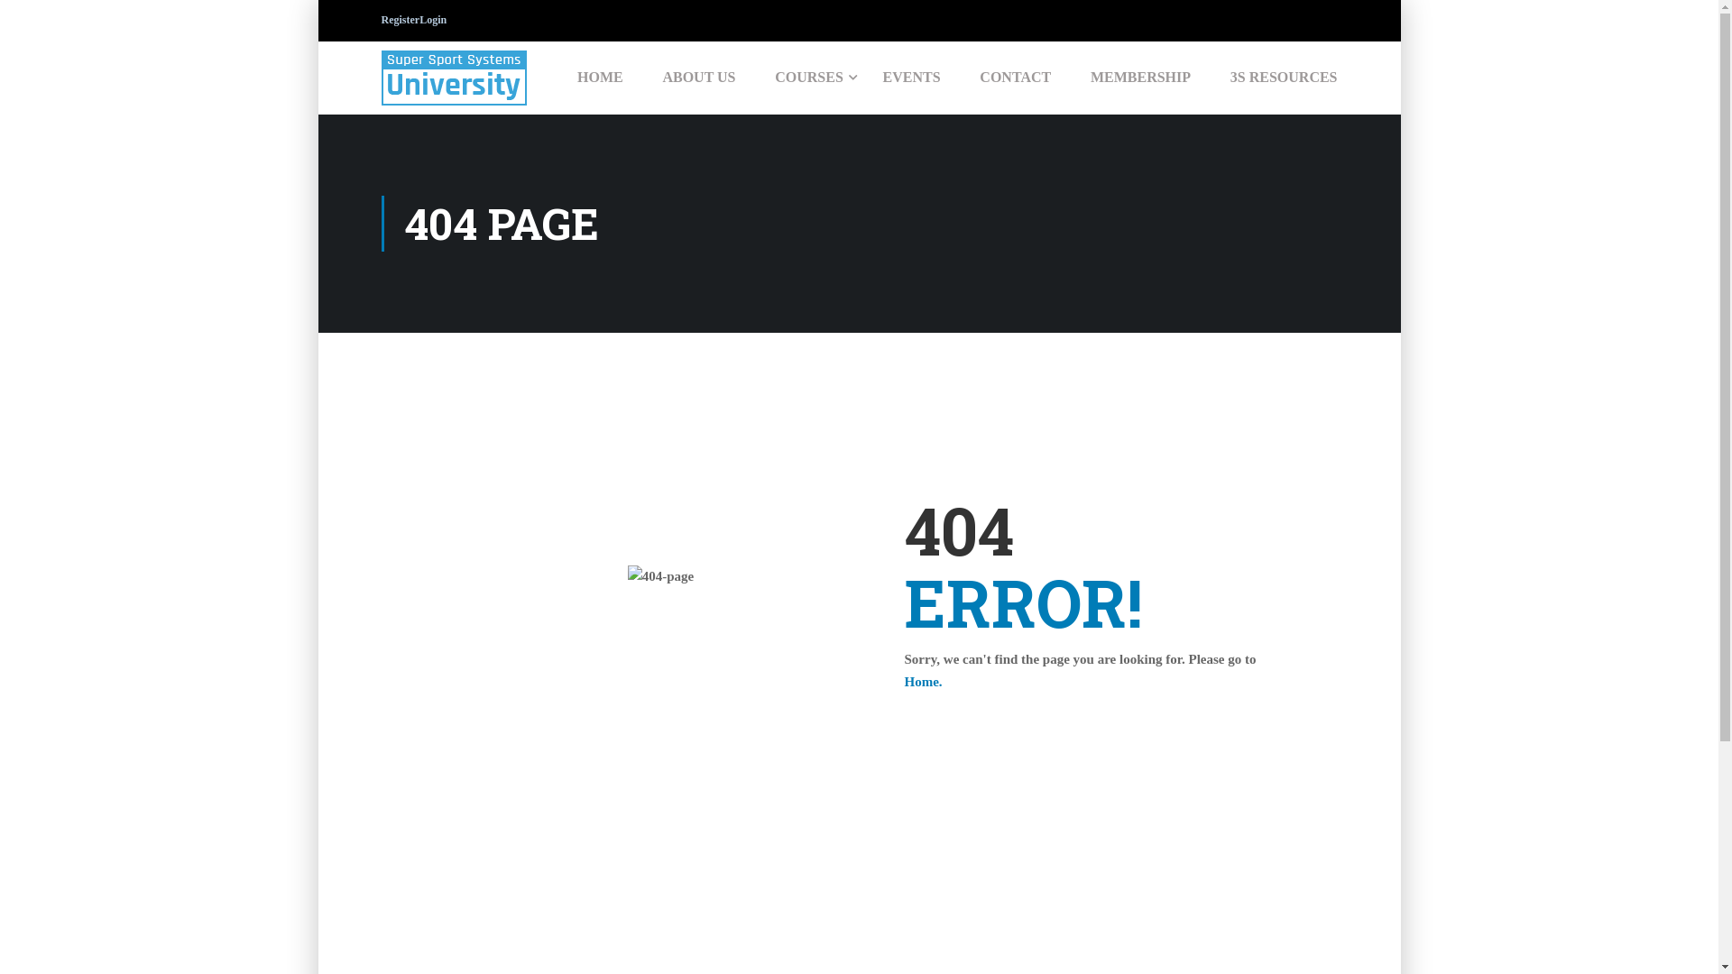 Image resolution: width=1732 pixels, height=974 pixels. Describe the element at coordinates (600, 76) in the screenshot. I see `'HOME'` at that location.